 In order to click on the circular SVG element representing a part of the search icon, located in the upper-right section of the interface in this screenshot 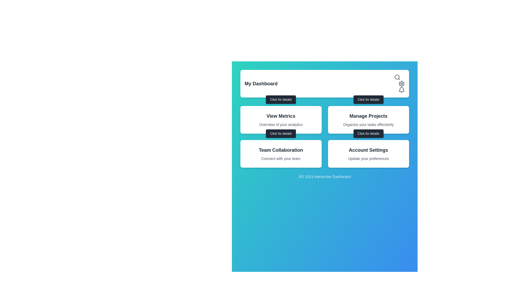, I will do `click(397, 77)`.